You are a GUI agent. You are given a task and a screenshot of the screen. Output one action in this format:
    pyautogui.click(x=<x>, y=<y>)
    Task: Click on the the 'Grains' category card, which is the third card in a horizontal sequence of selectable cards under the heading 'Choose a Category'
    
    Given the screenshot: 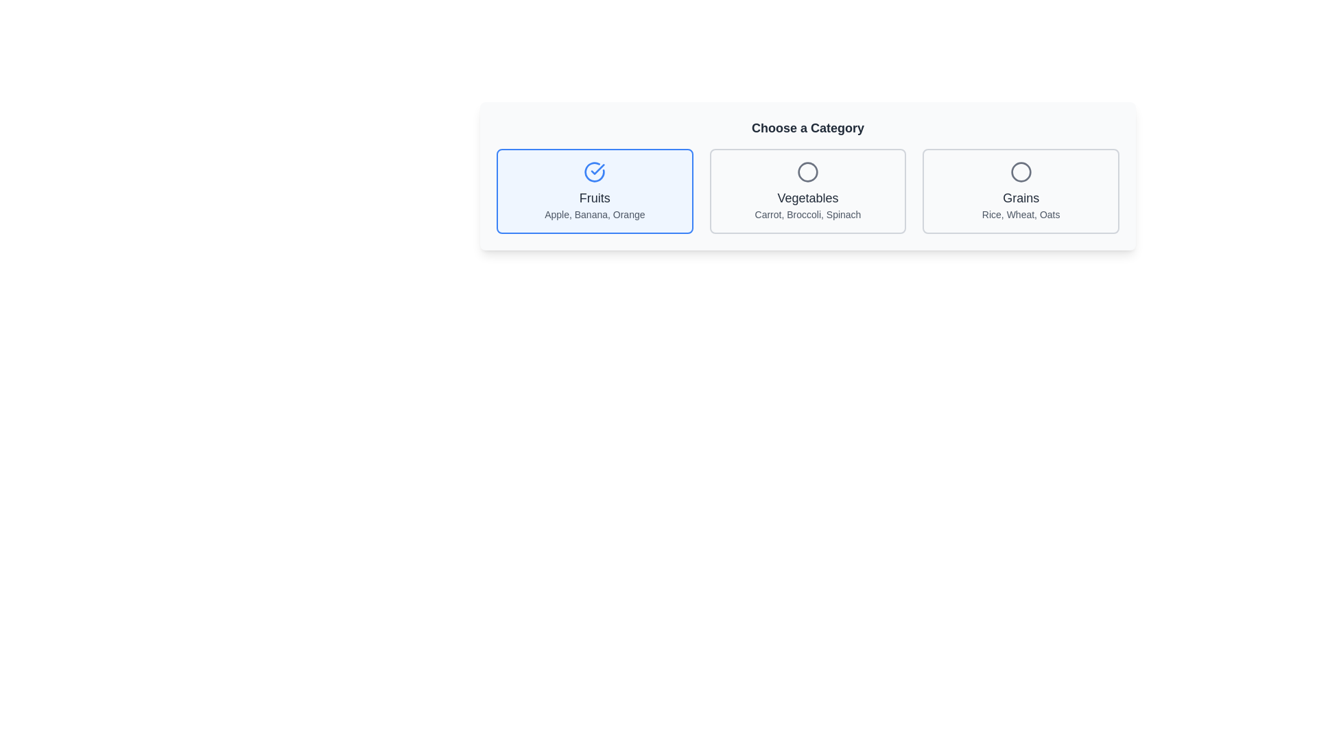 What is the action you would take?
    pyautogui.click(x=1021, y=191)
    